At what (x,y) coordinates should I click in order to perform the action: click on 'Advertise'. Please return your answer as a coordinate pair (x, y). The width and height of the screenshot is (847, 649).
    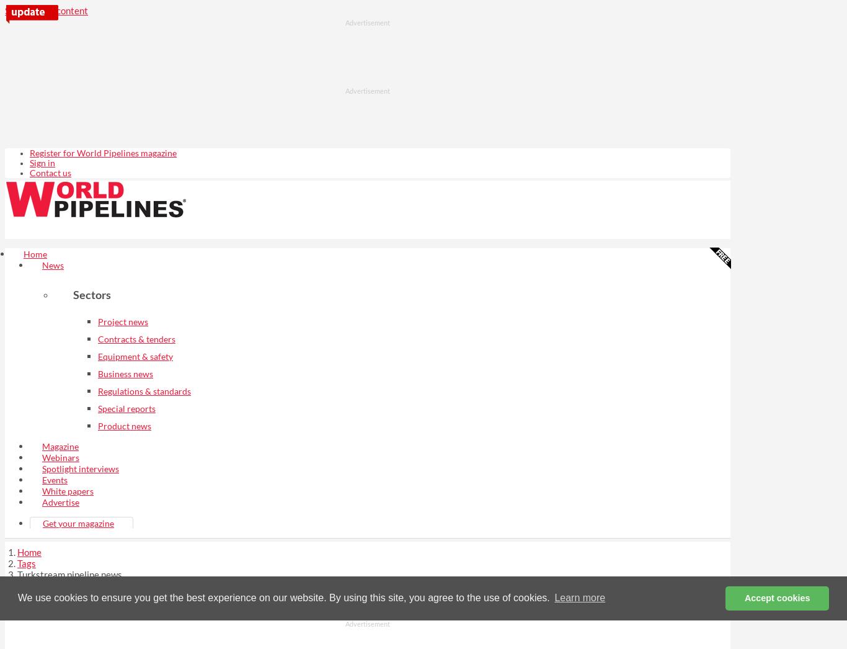
    Looking at the image, I should click on (60, 501).